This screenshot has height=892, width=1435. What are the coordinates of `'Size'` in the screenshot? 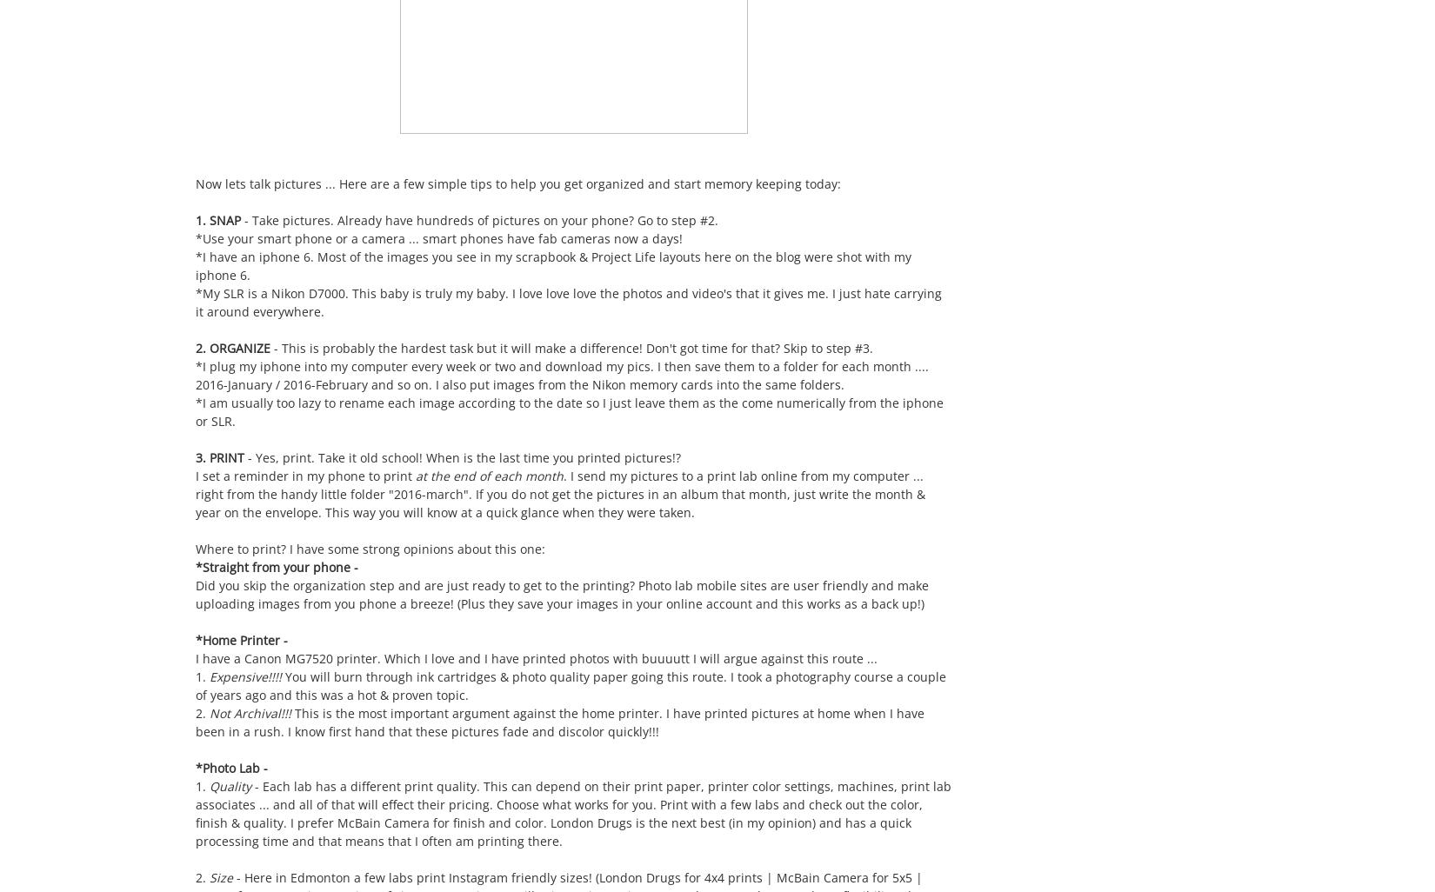 It's located at (223, 876).